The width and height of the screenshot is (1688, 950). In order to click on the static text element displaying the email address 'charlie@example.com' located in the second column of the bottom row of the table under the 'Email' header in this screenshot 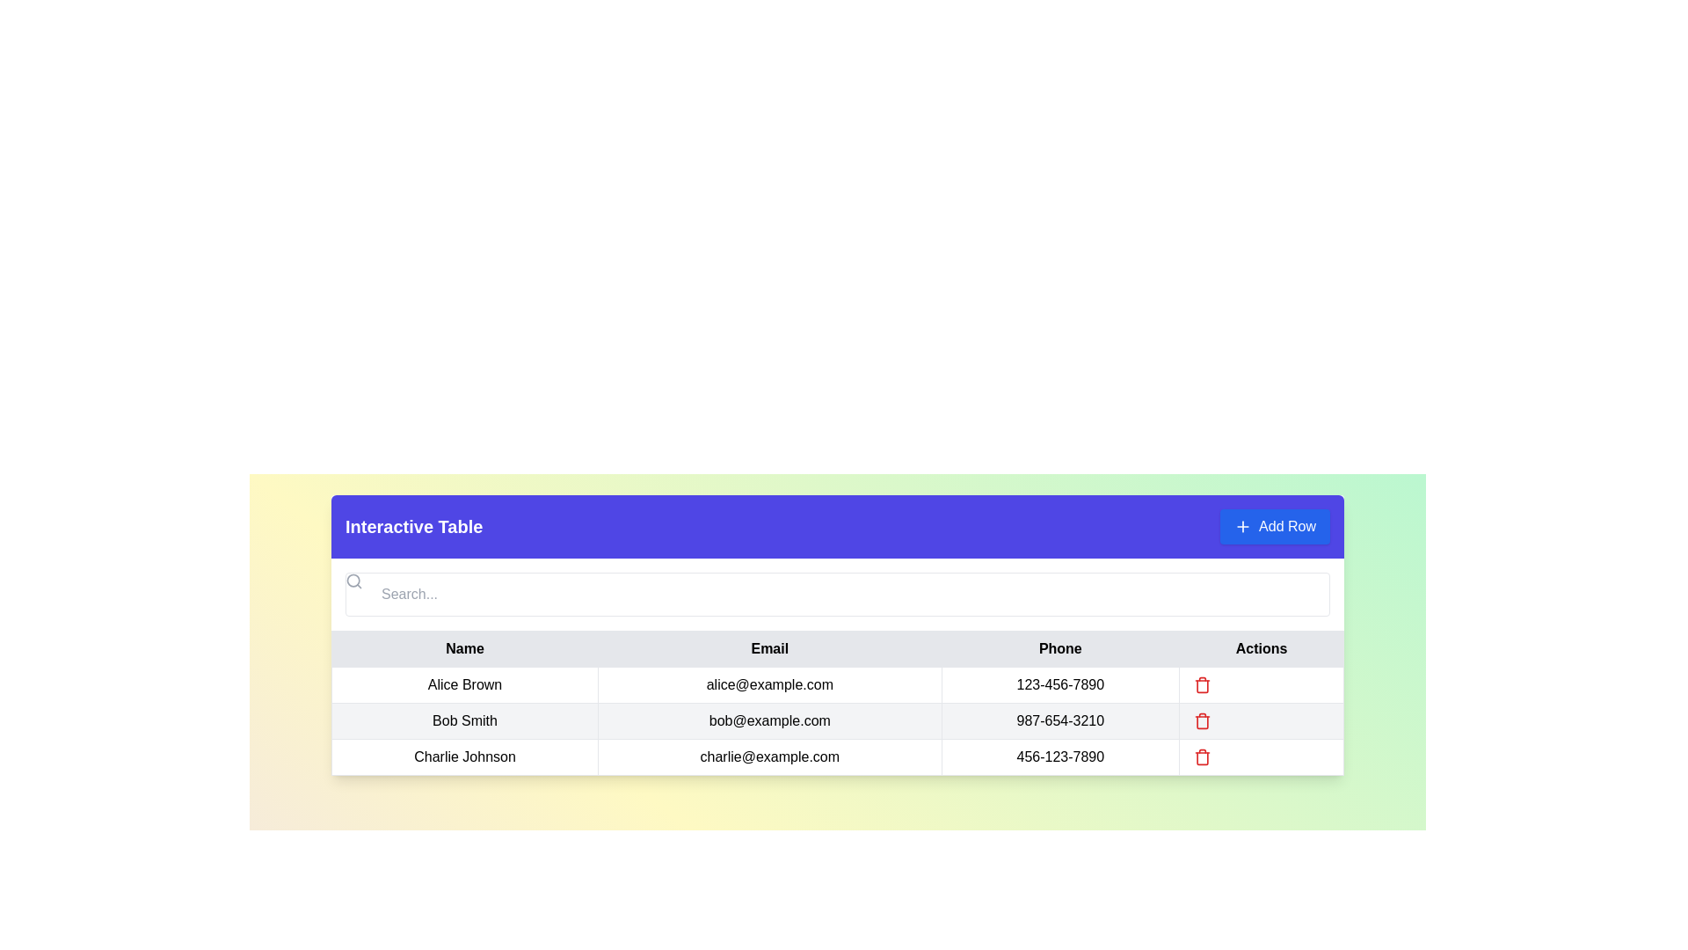, I will do `click(769, 756)`.